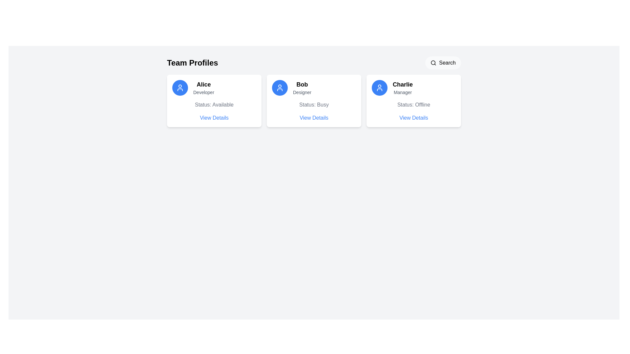 This screenshot has width=630, height=354. I want to click on text label that identifies the name of the profile, located within the 'Team Profiles' section of the card layout, positioned above 'Developer' and to the right of the profile icon, so click(203, 84).